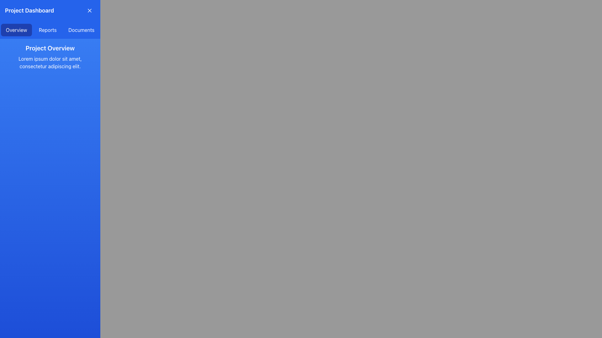 The height and width of the screenshot is (338, 602). I want to click on text displayed in the bold and enlarged 'Project Overview' label, which is centrally aligned within the blue panel above the descriptive text, so click(50, 48).